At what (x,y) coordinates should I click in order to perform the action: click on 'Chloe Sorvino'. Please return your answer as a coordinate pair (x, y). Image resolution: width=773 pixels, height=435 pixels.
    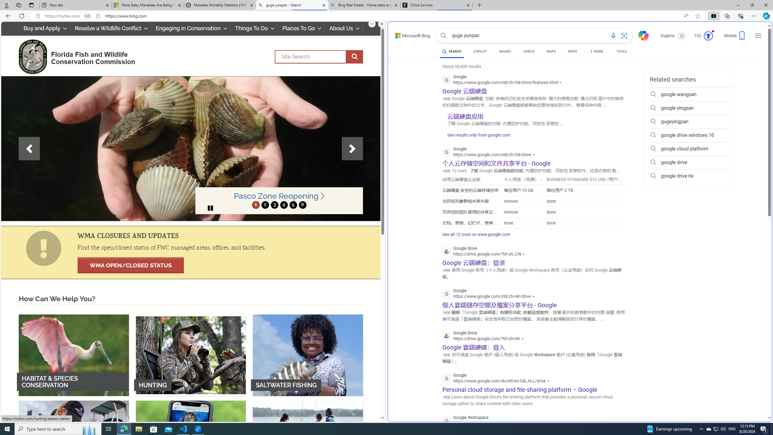
    Looking at the image, I should click on (437, 5).